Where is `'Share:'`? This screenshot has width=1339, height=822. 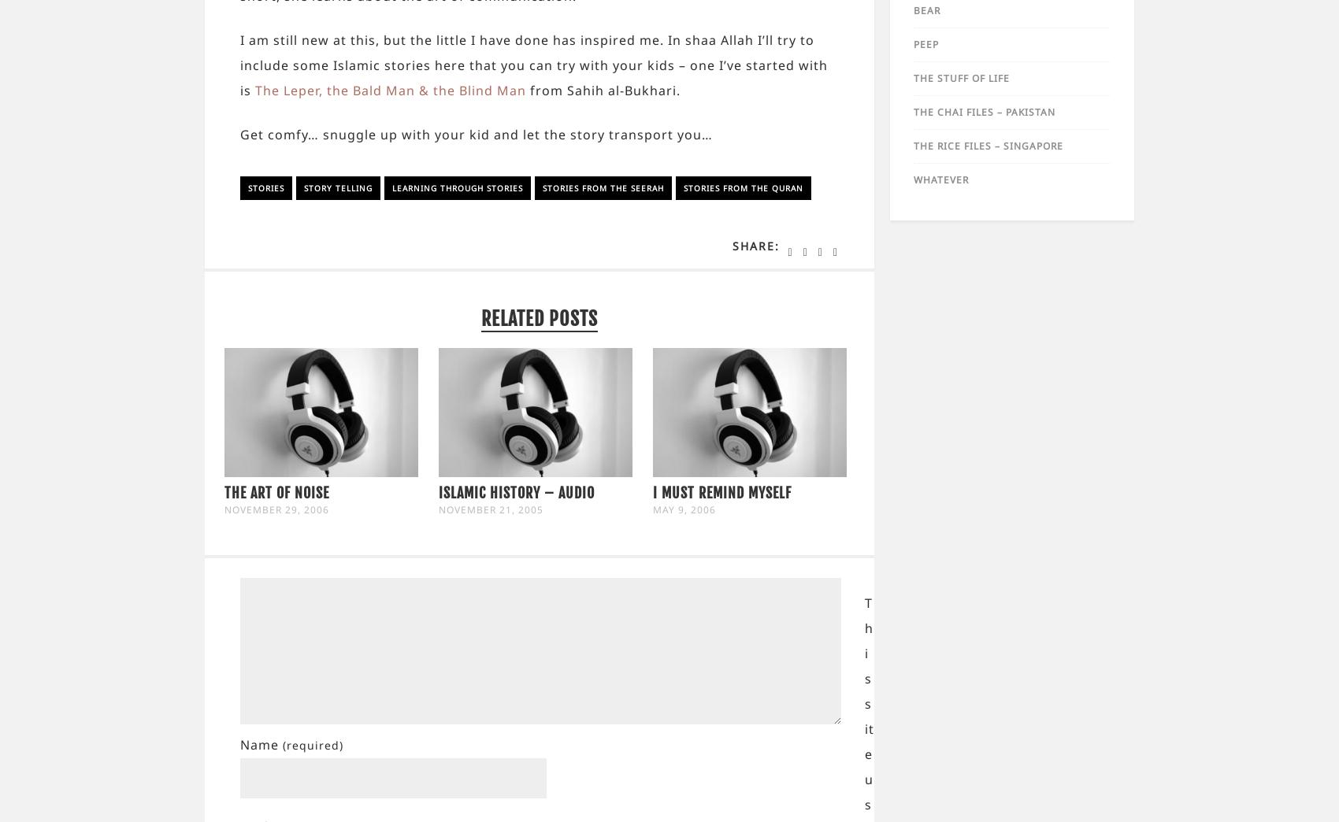 'Share:' is located at coordinates (754, 245).